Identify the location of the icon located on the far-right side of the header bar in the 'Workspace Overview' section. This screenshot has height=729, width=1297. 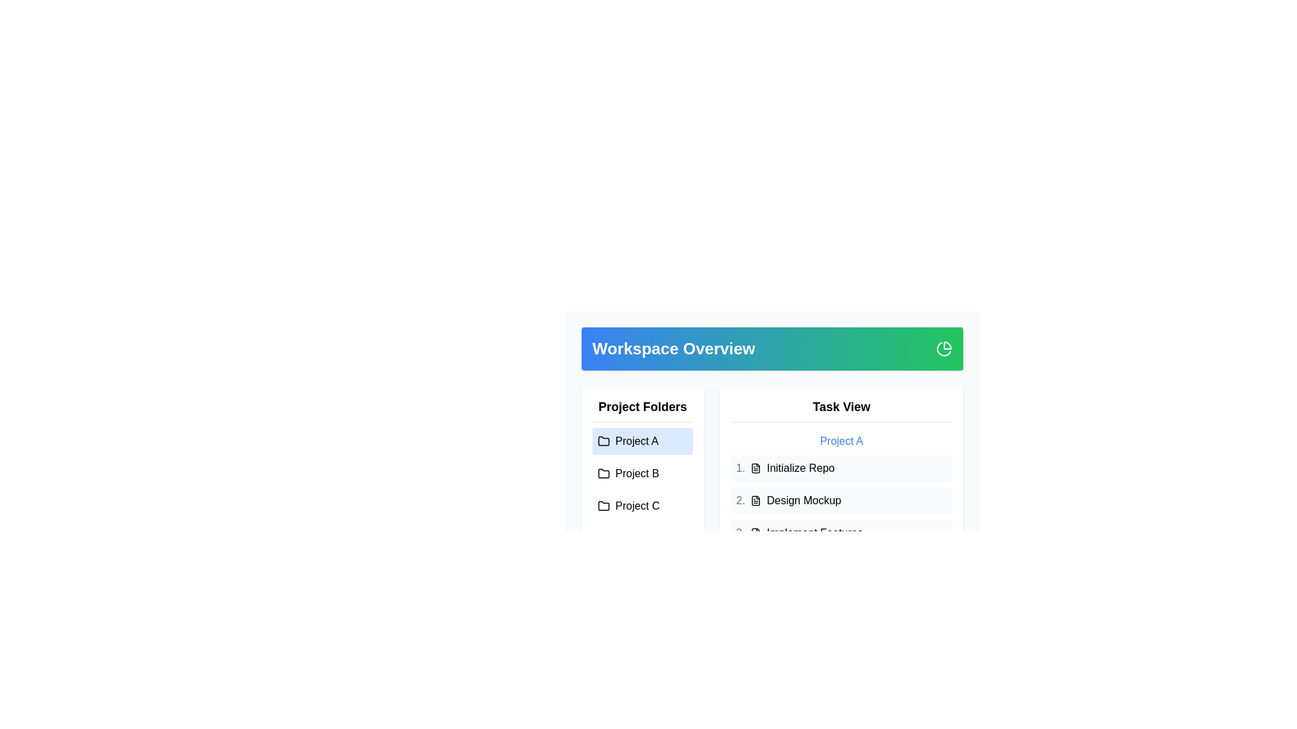
(943, 348).